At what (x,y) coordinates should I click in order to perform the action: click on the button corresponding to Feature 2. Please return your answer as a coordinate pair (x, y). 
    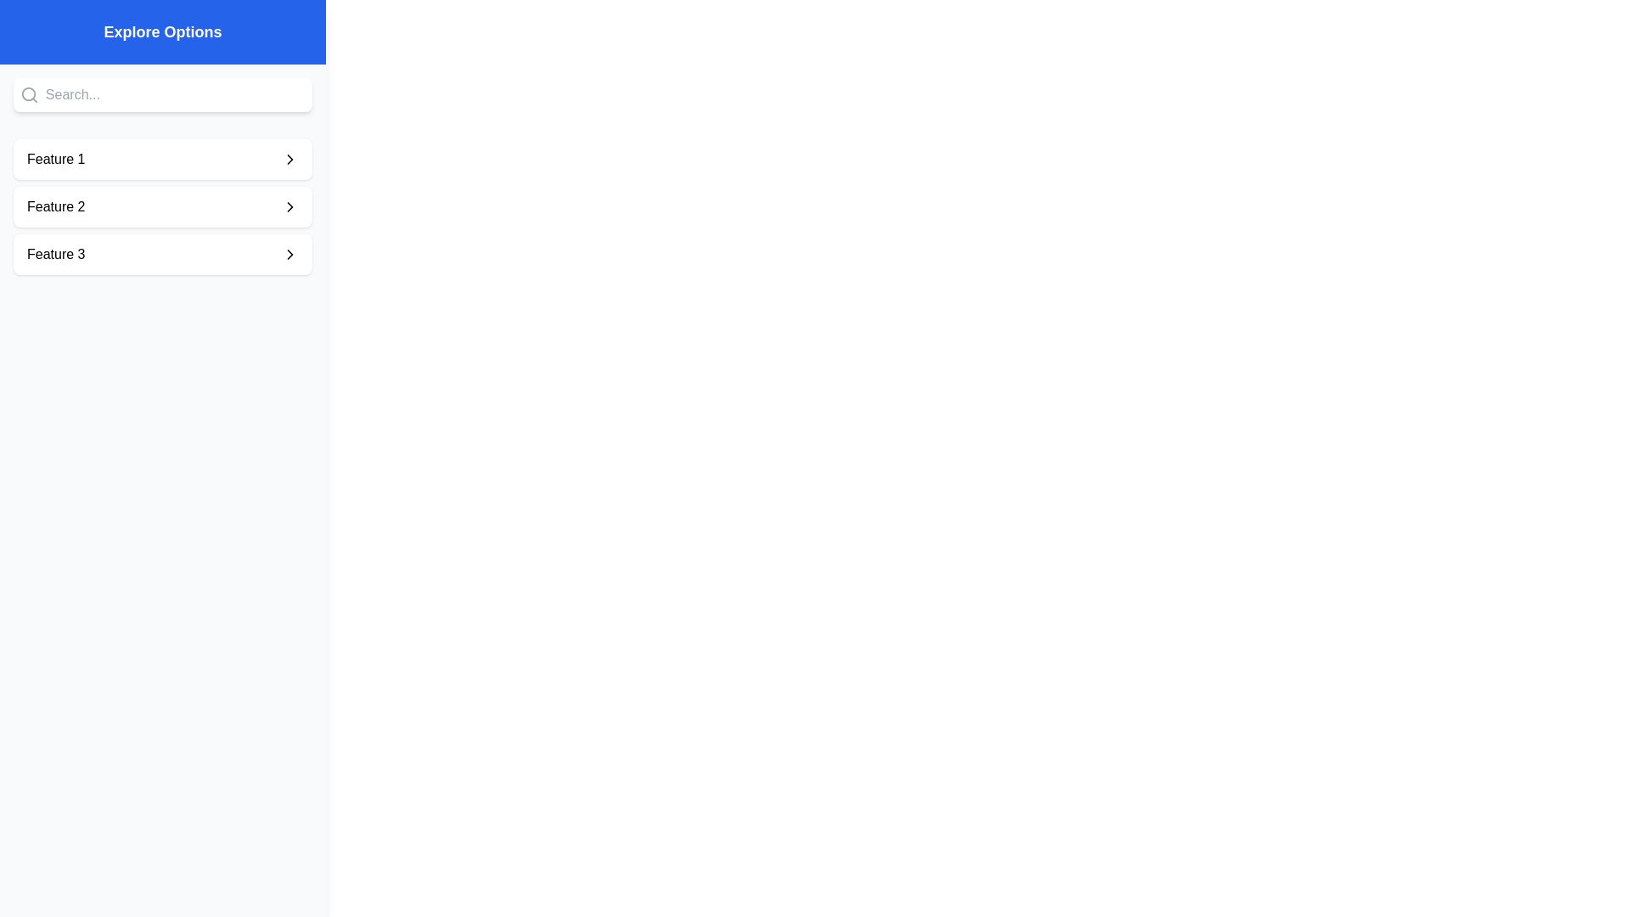
    Looking at the image, I should click on (163, 205).